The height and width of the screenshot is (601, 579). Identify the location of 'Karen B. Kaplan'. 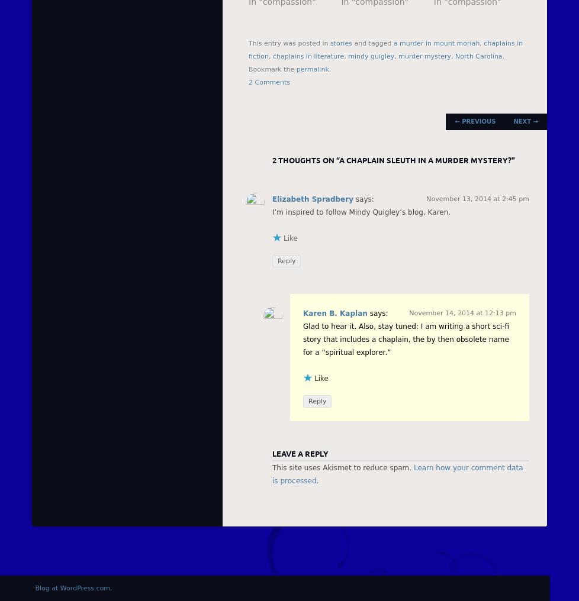
(334, 313).